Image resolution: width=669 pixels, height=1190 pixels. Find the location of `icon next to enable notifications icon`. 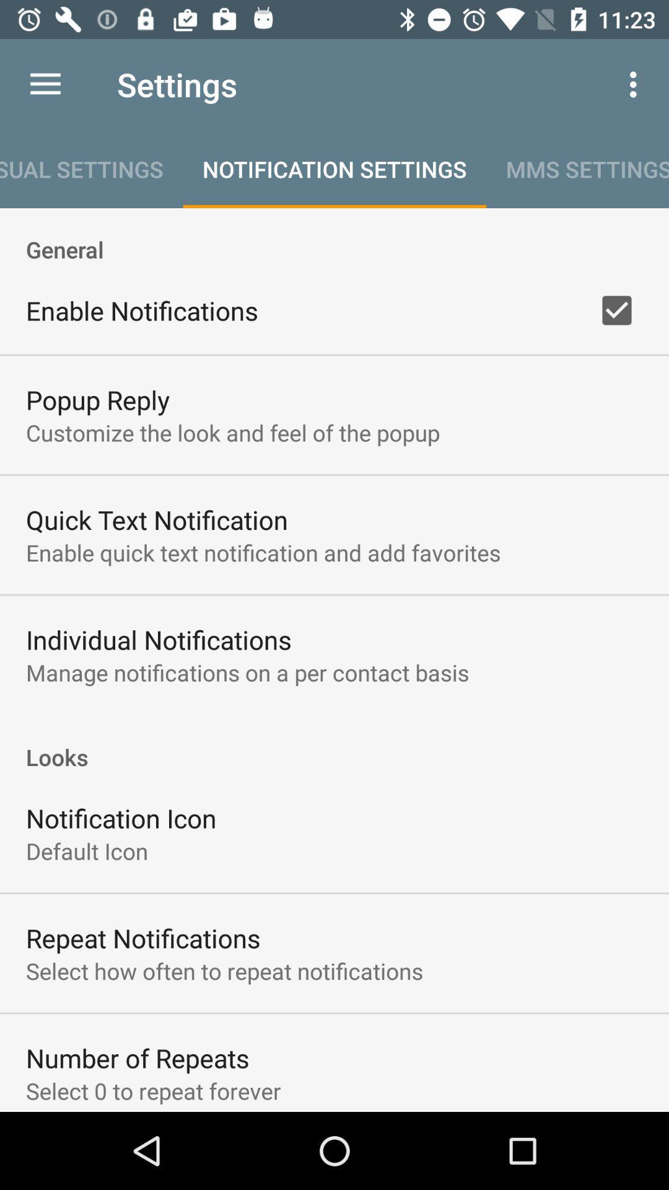

icon next to enable notifications icon is located at coordinates (616, 310).